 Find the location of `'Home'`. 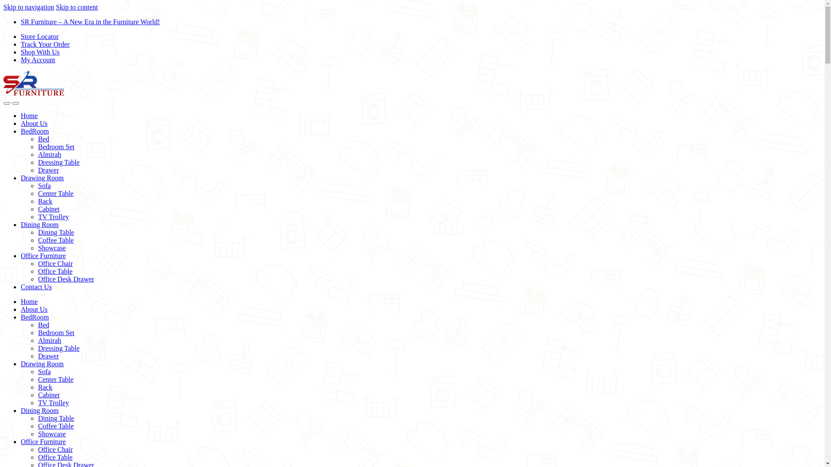

'Home' is located at coordinates (29, 301).